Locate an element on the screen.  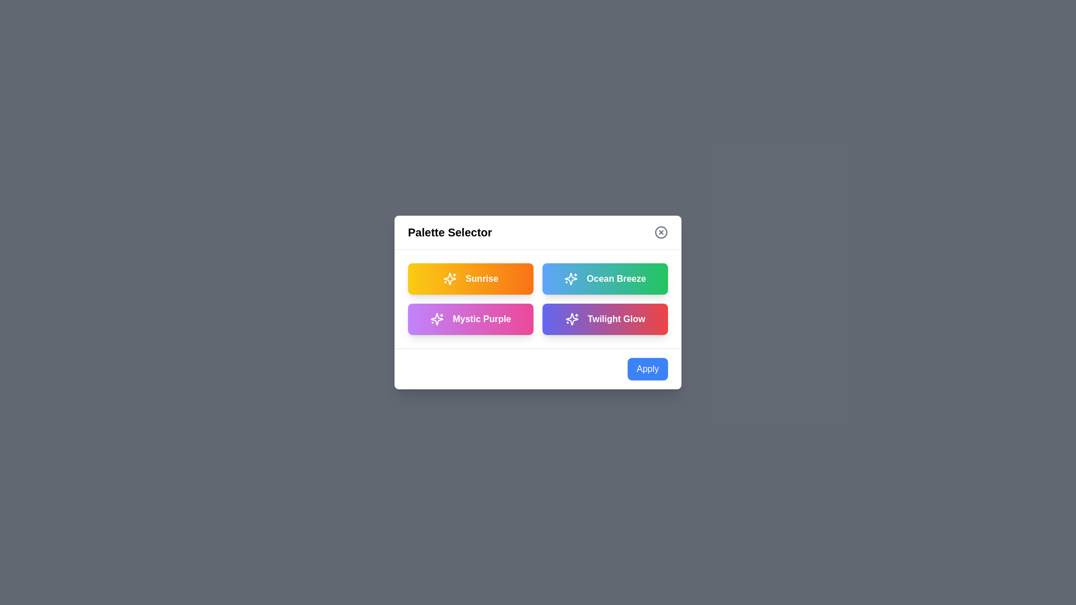
the palette card labeled Mystic Purple to select it is located at coordinates (471, 319).